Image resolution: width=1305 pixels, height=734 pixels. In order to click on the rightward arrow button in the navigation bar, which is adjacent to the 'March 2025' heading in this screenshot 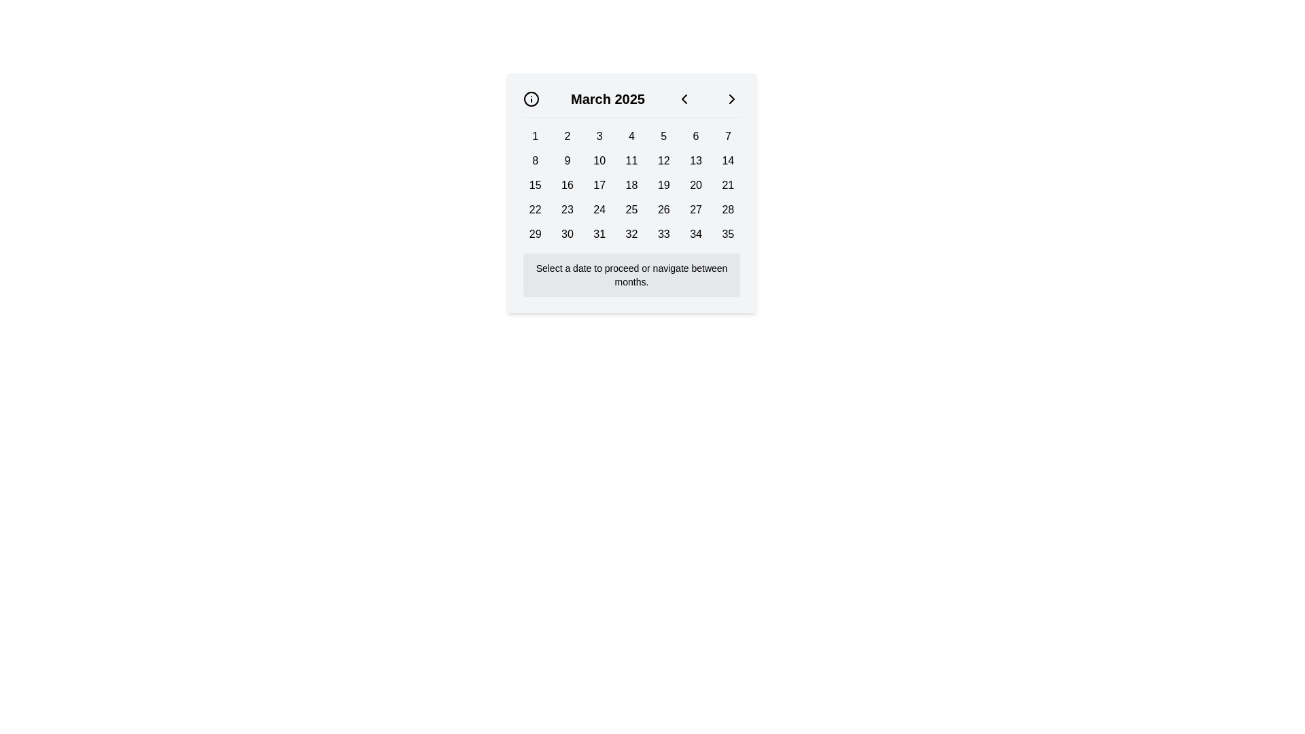, I will do `click(731, 99)`.